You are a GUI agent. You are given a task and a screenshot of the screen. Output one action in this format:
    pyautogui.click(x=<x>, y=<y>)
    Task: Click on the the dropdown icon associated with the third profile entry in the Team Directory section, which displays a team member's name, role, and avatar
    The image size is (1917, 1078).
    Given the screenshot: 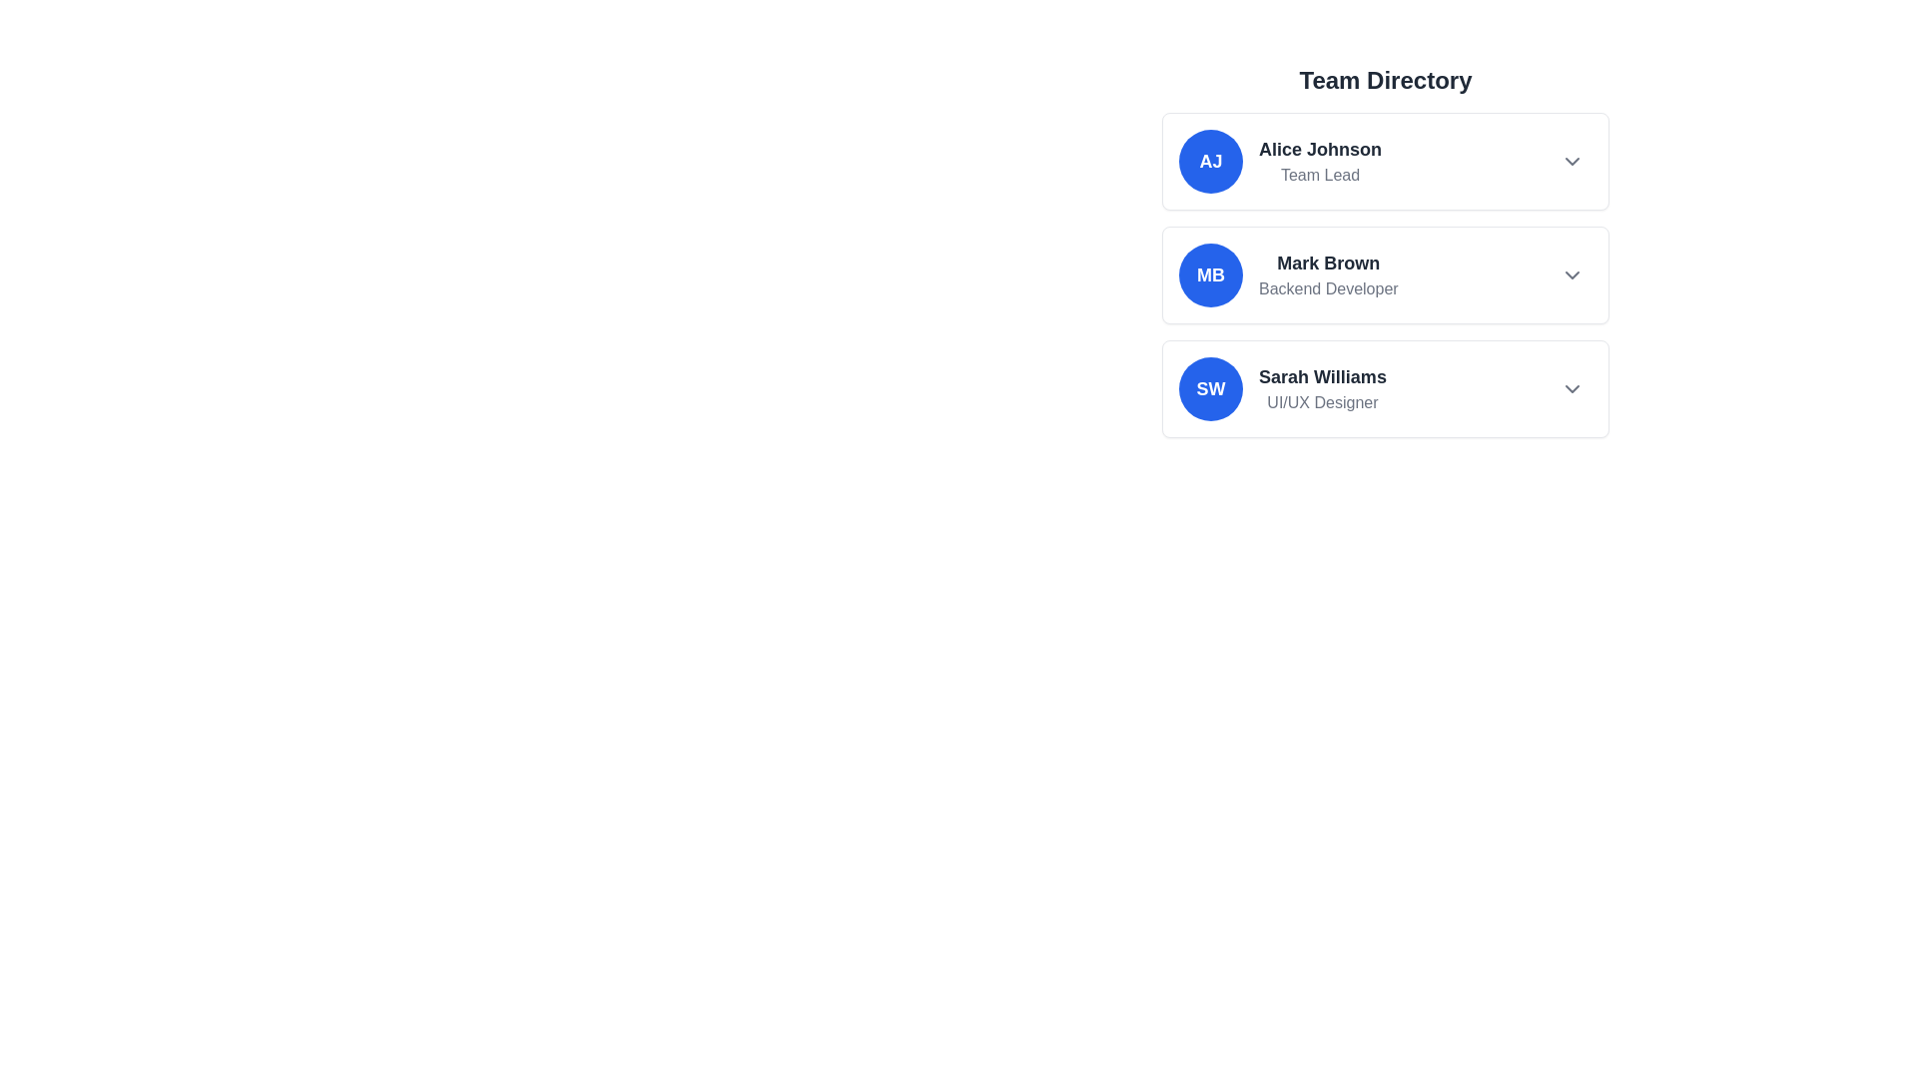 What is the action you would take?
    pyautogui.click(x=1282, y=388)
    